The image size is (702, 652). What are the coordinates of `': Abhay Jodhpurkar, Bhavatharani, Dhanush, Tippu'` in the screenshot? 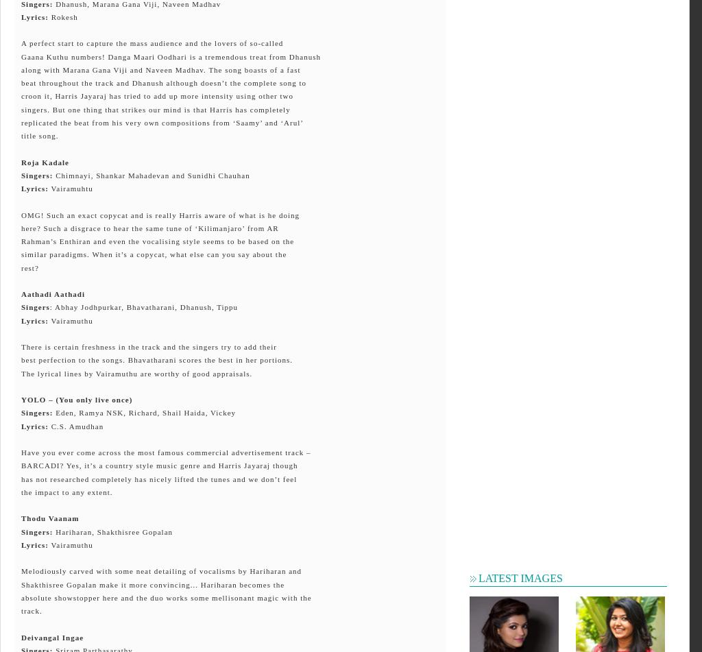 It's located at (48, 307).